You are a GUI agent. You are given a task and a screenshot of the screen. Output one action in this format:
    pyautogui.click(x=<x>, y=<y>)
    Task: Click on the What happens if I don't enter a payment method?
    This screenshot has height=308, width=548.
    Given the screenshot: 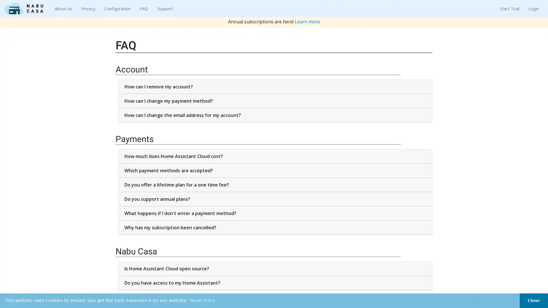 What is the action you would take?
    pyautogui.click(x=275, y=213)
    